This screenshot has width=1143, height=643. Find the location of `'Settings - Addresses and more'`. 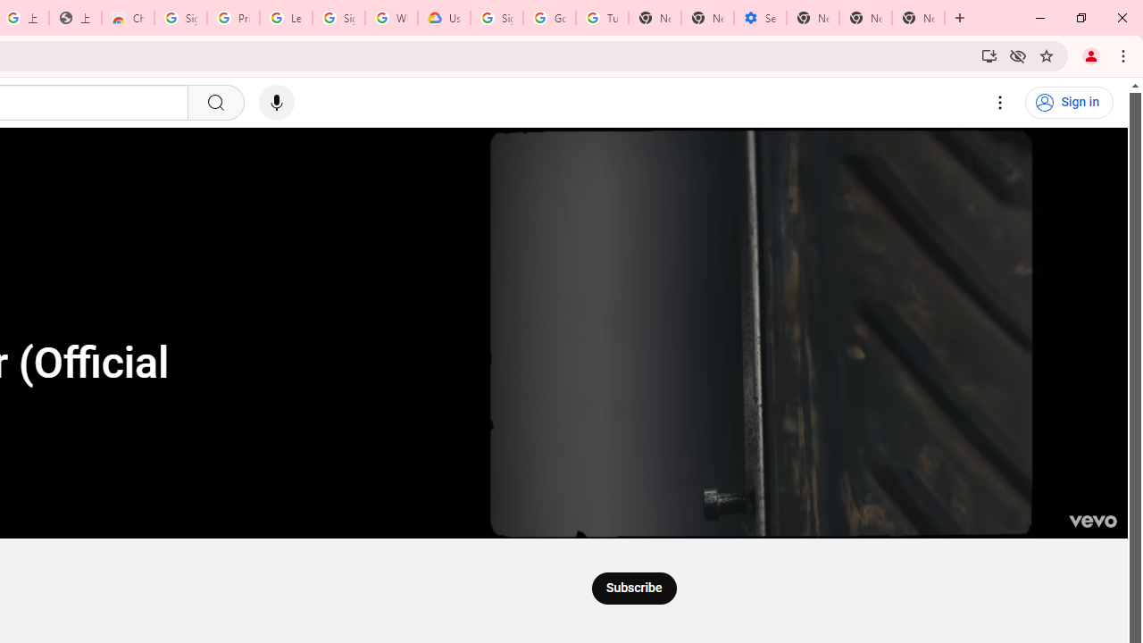

'Settings - Addresses and more' is located at coordinates (760, 18).